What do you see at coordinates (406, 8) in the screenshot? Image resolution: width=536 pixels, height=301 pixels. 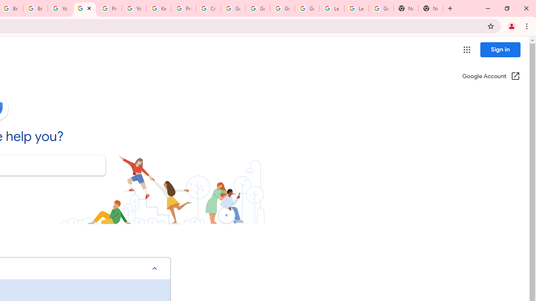 I see `'New Tab'` at bounding box center [406, 8].